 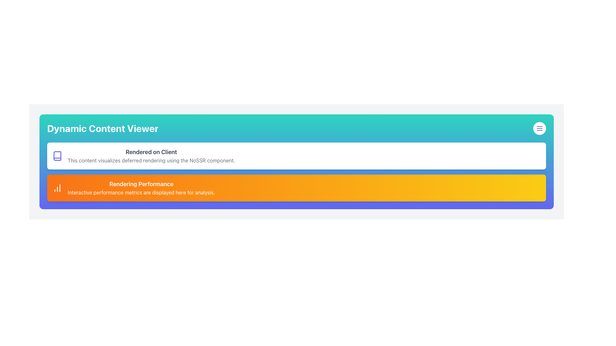 I want to click on the unique menu toggle button located in the top-right corner of the colored gradient interface header, so click(x=539, y=128).